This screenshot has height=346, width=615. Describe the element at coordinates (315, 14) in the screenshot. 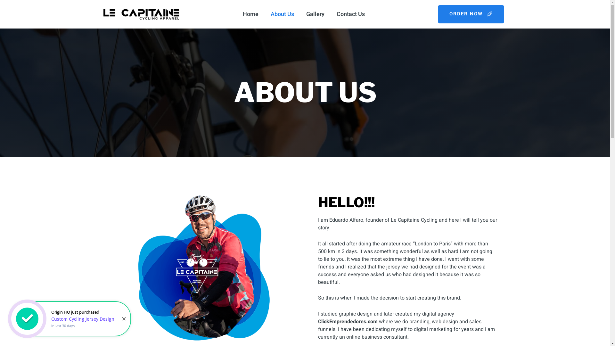

I see `'Gallery'` at that location.